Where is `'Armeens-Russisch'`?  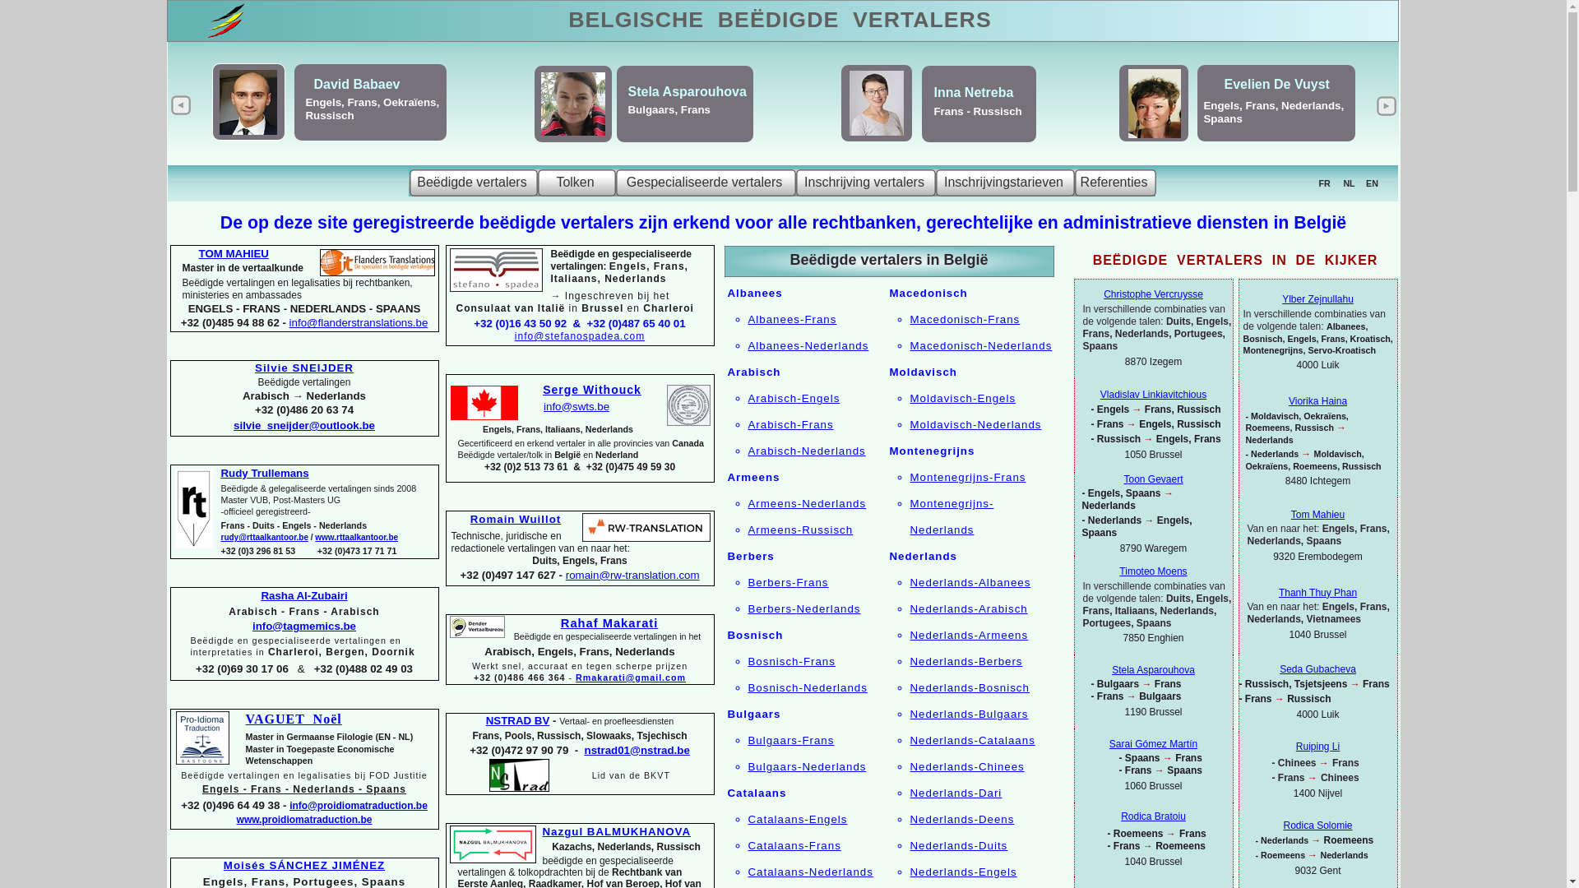 'Armeens-Russisch' is located at coordinates (801, 530).